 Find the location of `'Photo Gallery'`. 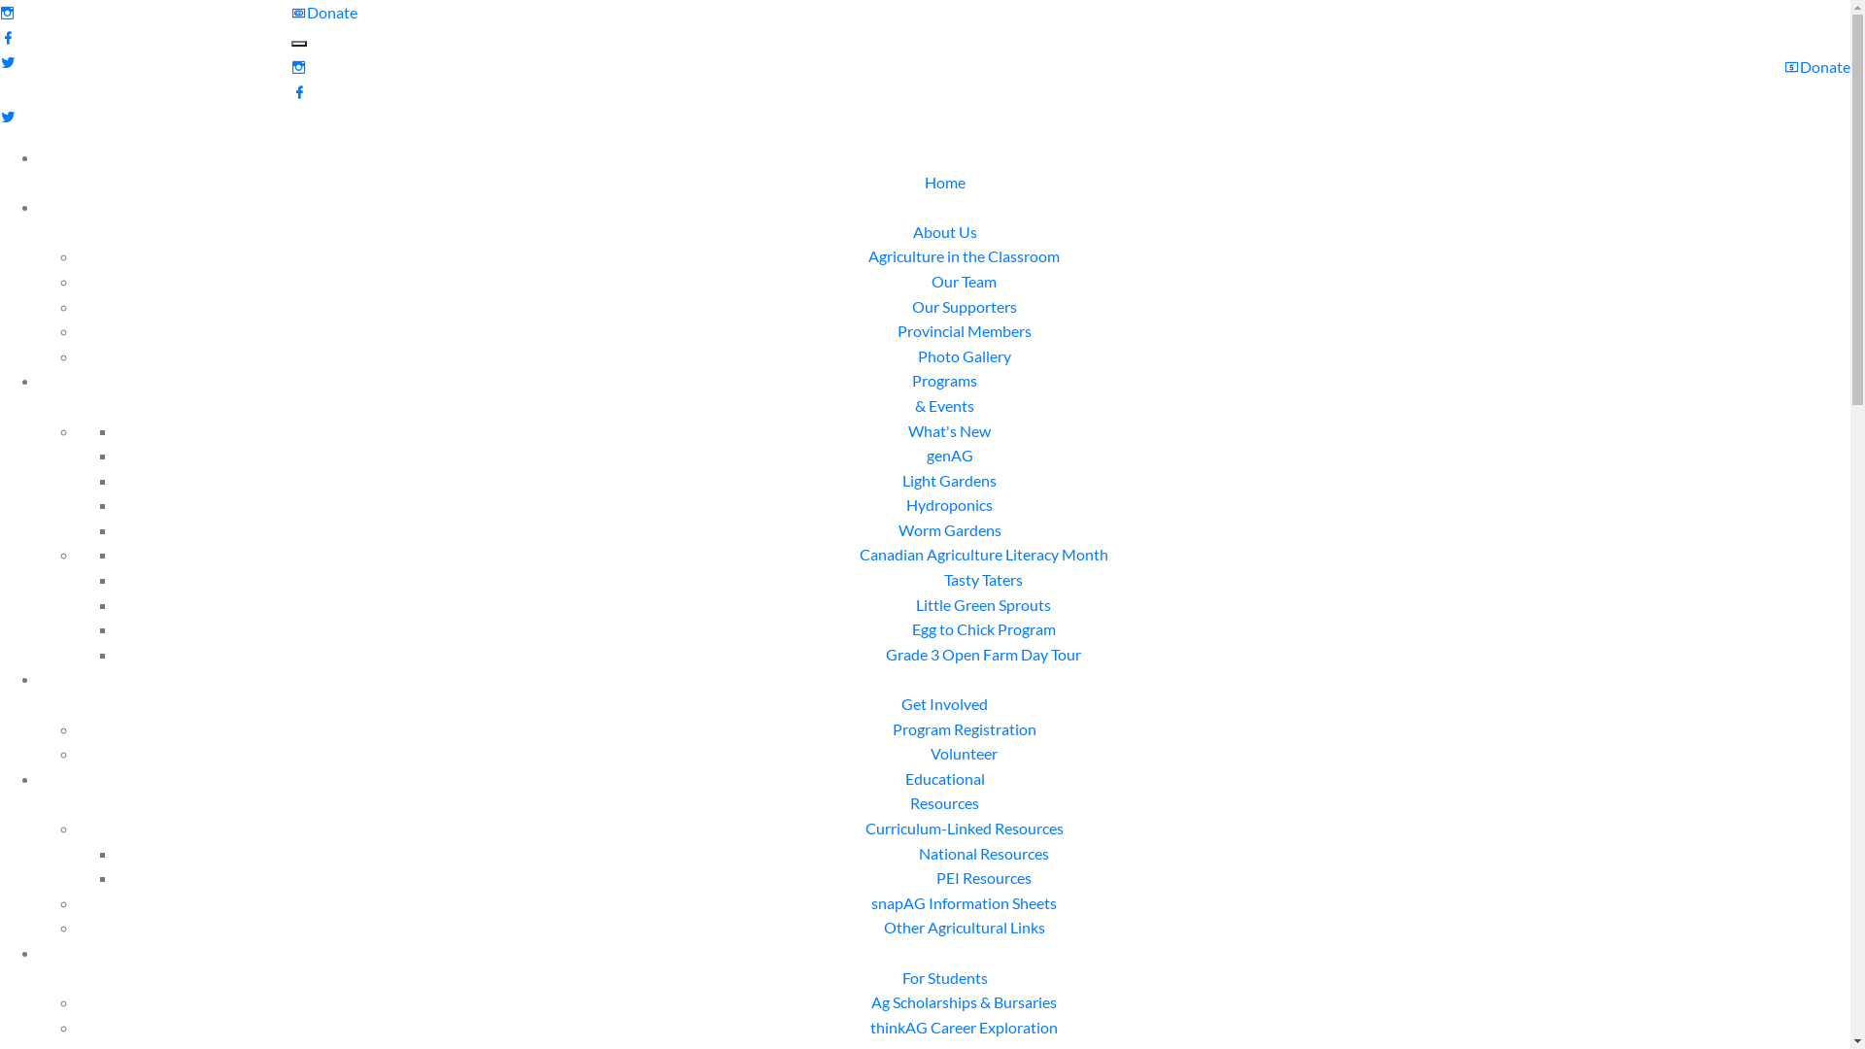

'Photo Gallery' is located at coordinates (964, 355).